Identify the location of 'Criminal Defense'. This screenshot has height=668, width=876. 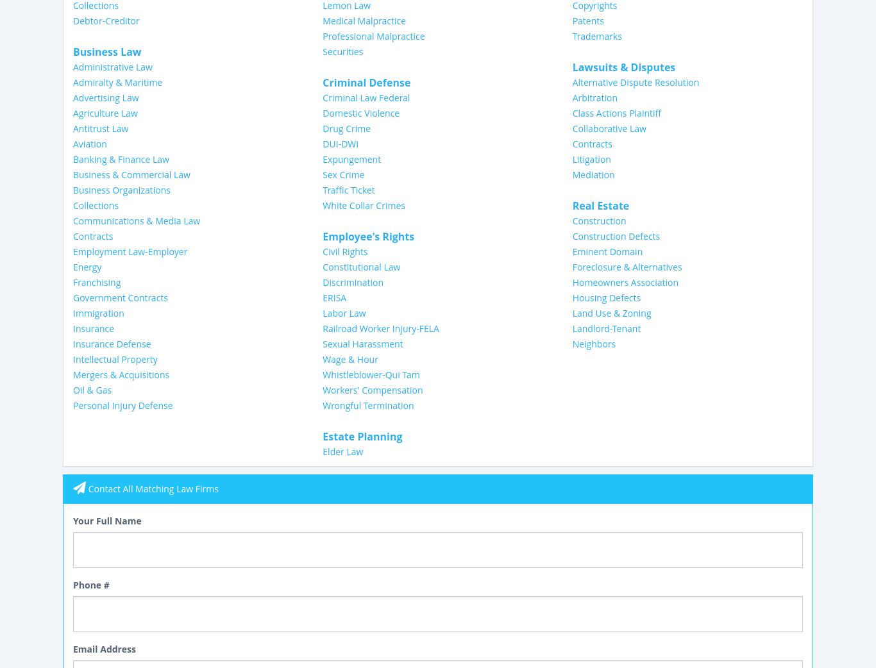
(366, 81).